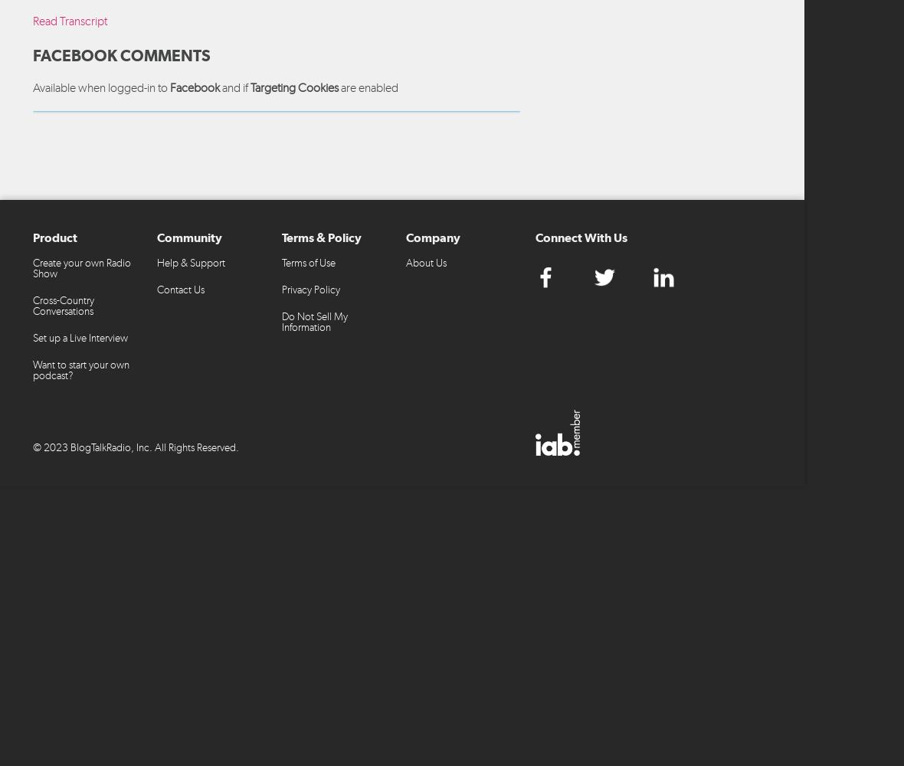 This screenshot has width=904, height=766. What do you see at coordinates (195, 86) in the screenshot?
I see `'Facebook'` at bounding box center [195, 86].